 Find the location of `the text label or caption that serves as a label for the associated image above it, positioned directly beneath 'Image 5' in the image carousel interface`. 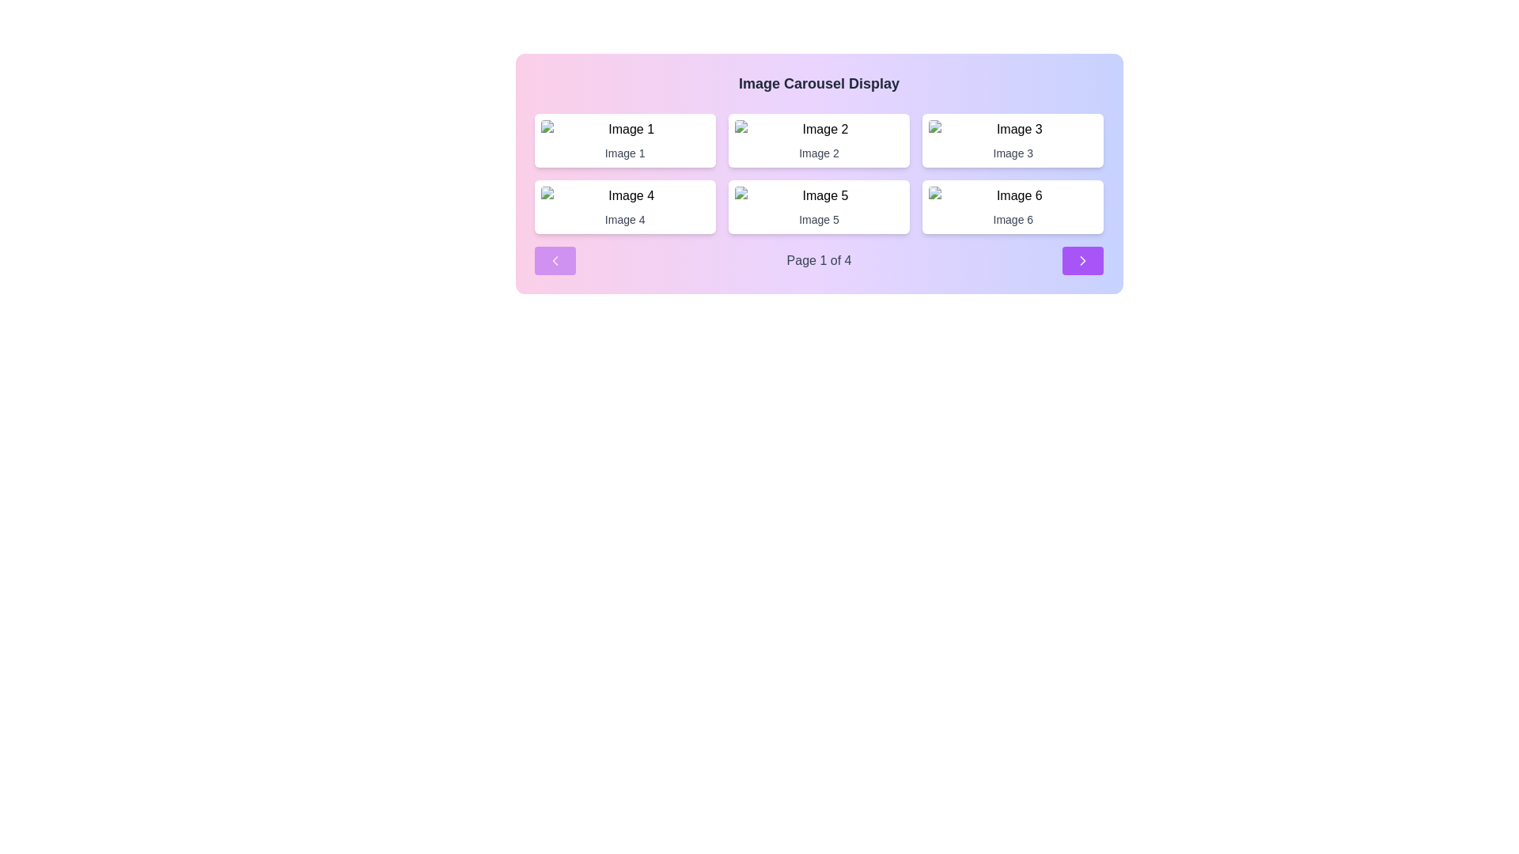

the text label or caption that serves as a label for the associated image above it, positioned directly beneath 'Image 5' in the image carousel interface is located at coordinates (819, 219).